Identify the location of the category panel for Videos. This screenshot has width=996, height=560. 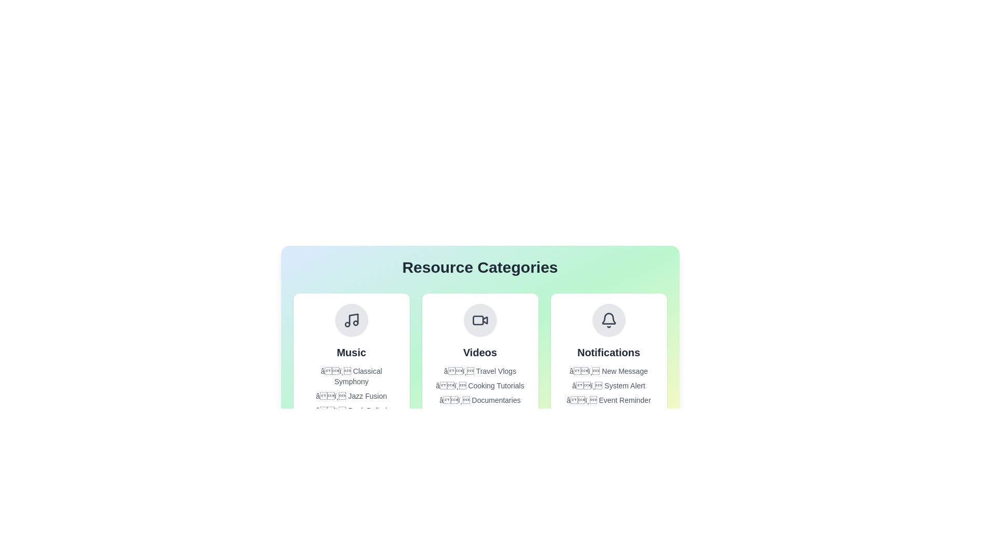
(479, 359).